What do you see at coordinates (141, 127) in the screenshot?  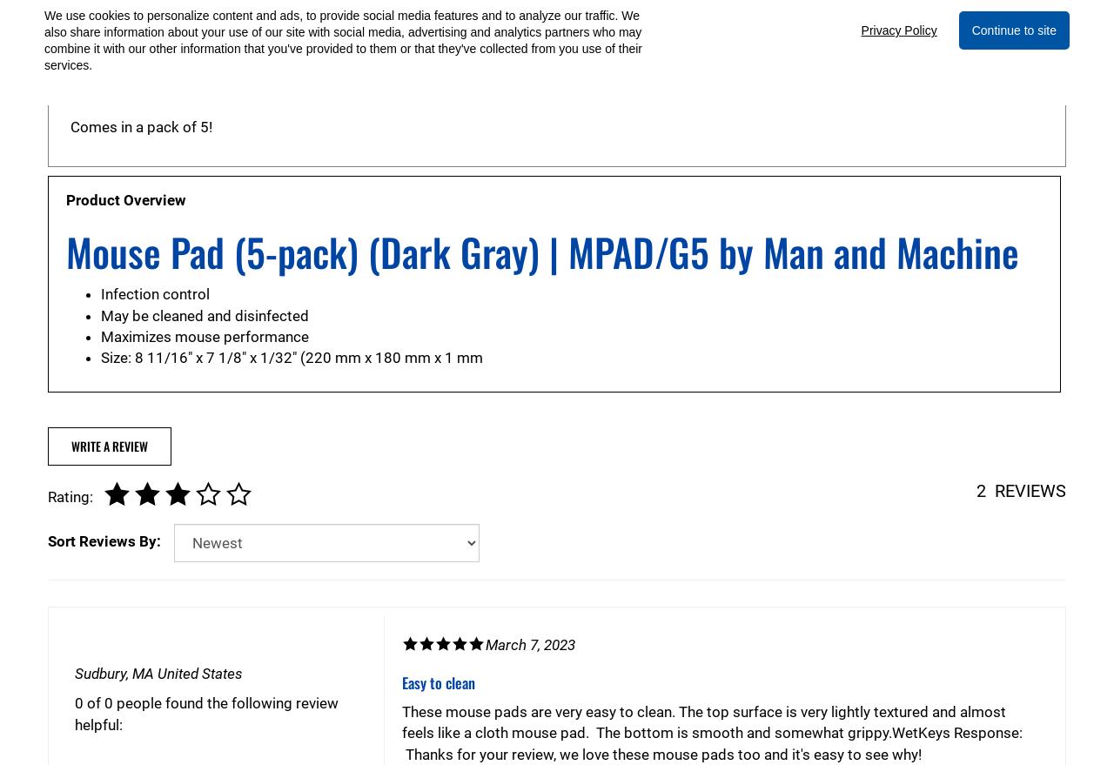 I see `'Comes in a pack of 5!'` at bounding box center [141, 127].